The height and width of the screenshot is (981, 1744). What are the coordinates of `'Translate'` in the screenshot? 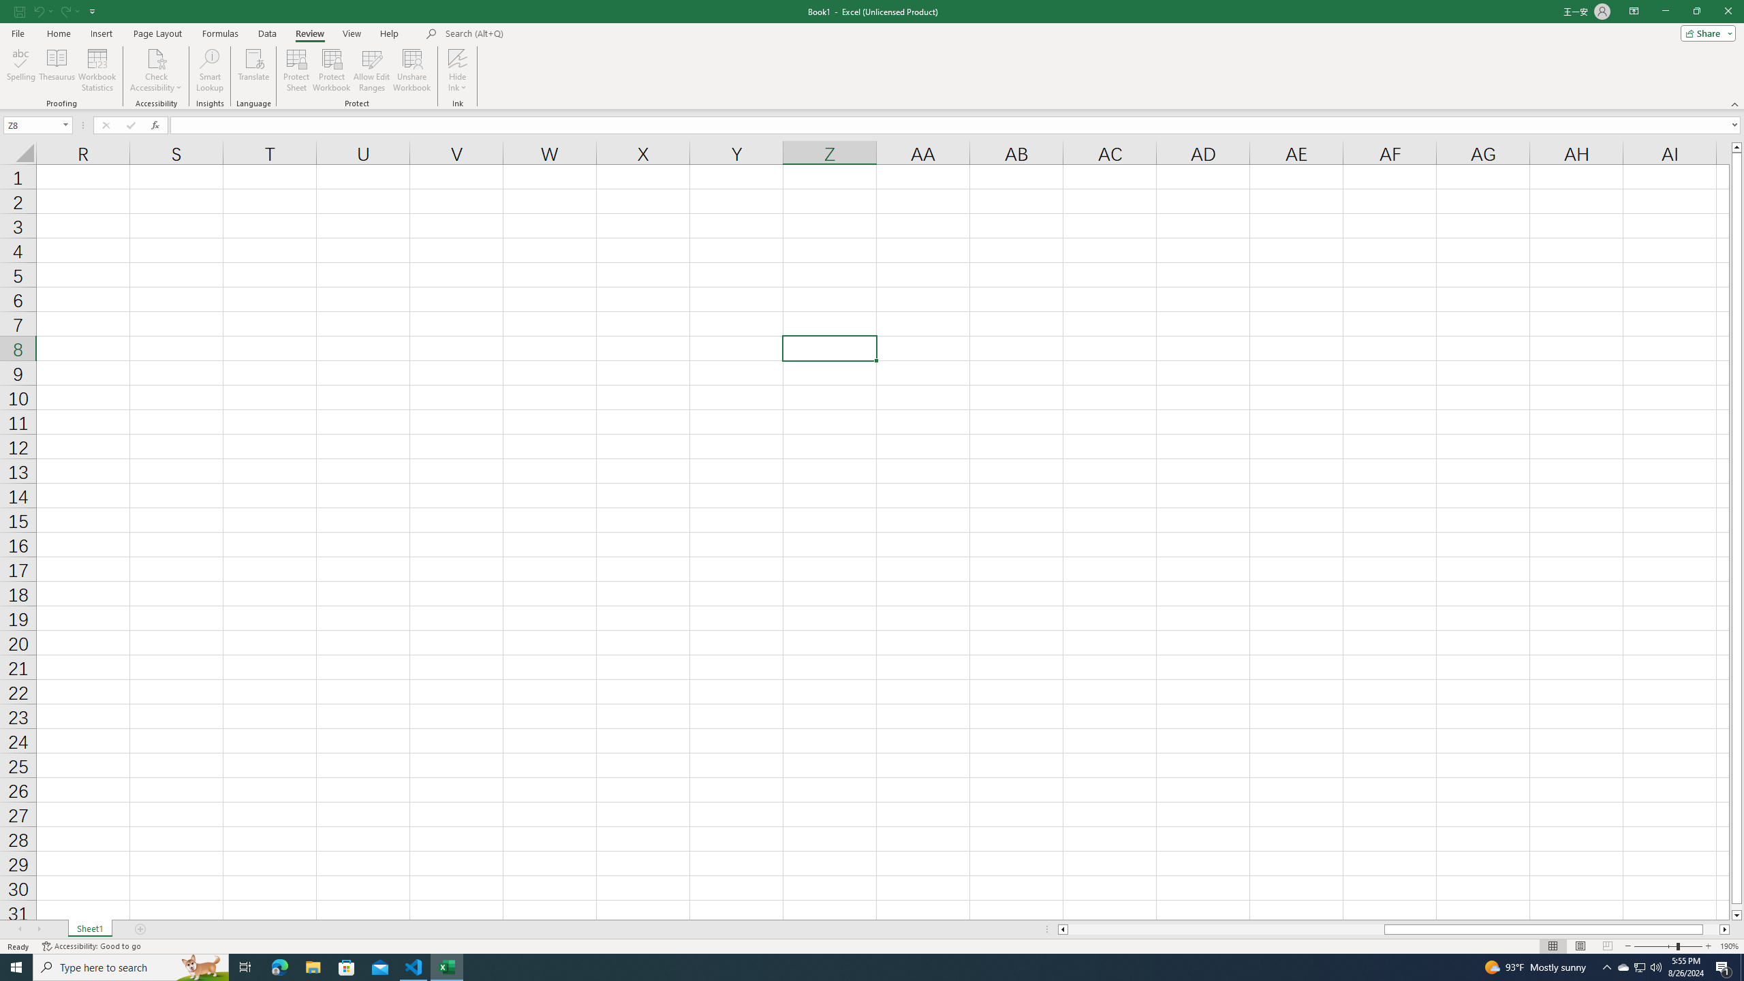 It's located at (253, 70).